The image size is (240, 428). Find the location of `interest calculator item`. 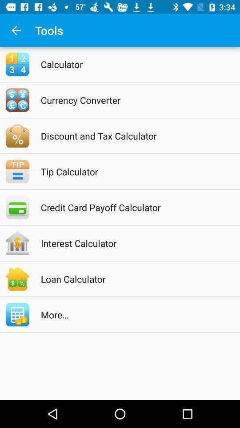

interest calculator item is located at coordinates (131, 243).